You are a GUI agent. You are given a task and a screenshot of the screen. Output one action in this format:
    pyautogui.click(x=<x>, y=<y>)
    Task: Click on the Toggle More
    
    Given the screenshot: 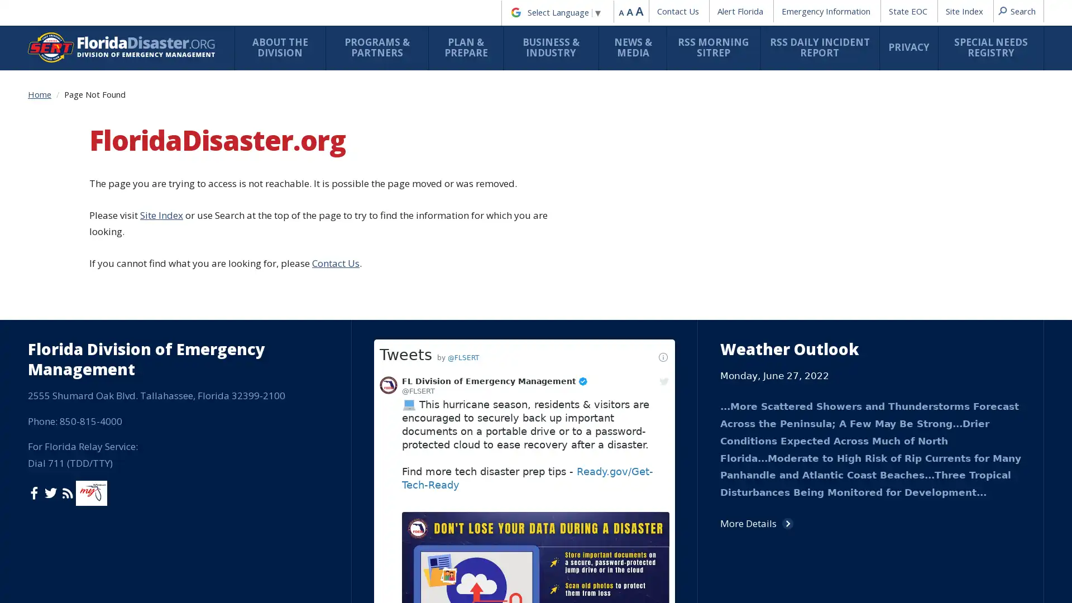 What is the action you would take?
    pyautogui.click(x=447, y=185)
    